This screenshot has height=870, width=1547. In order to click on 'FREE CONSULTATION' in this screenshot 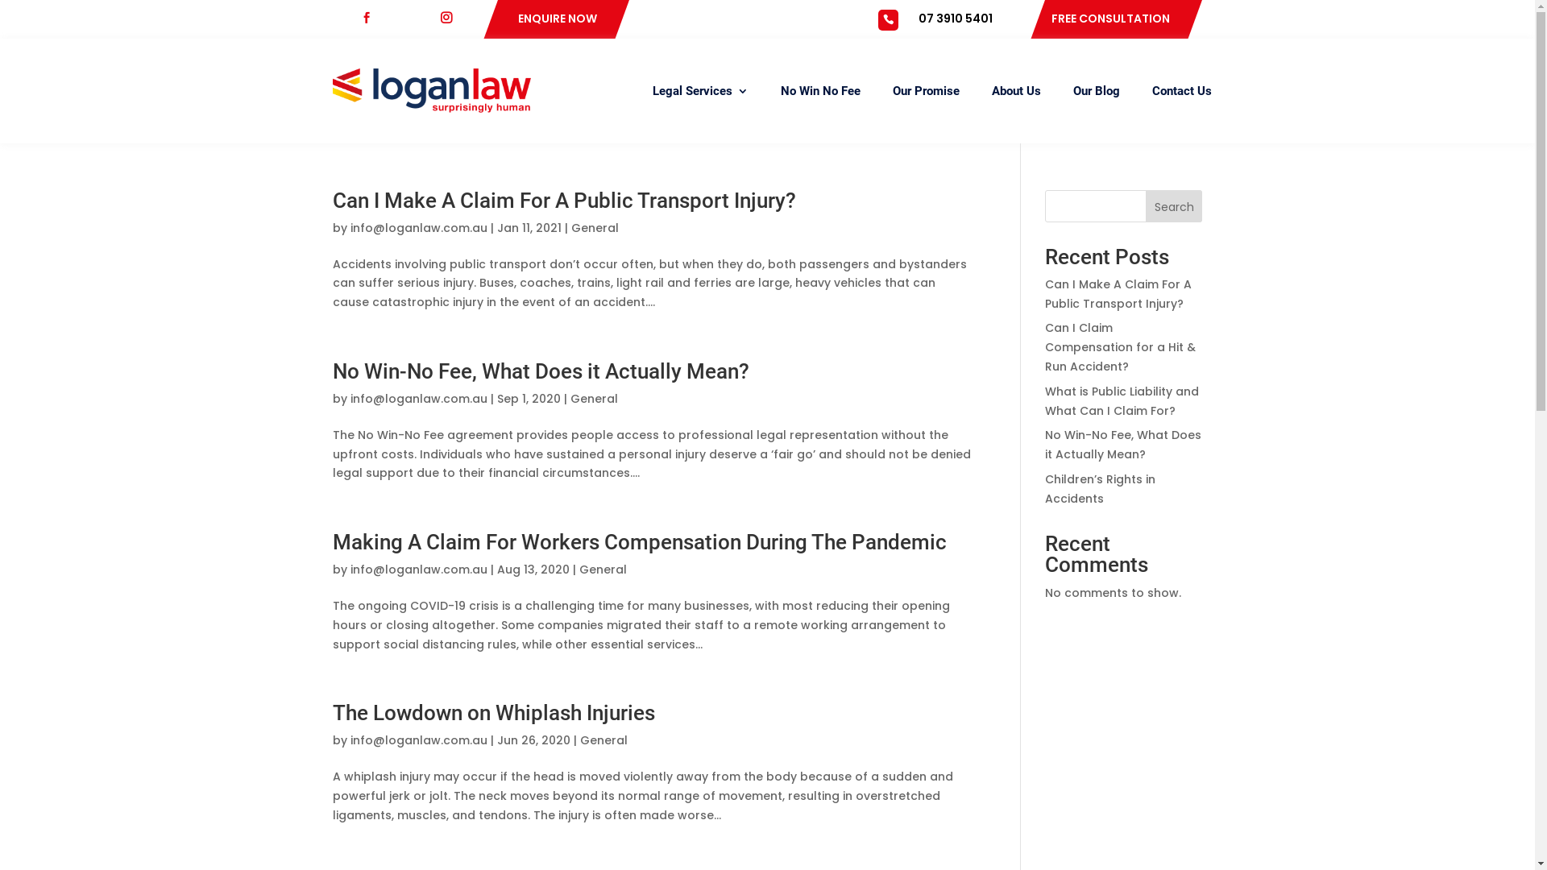, I will do `click(1109, 19)`.